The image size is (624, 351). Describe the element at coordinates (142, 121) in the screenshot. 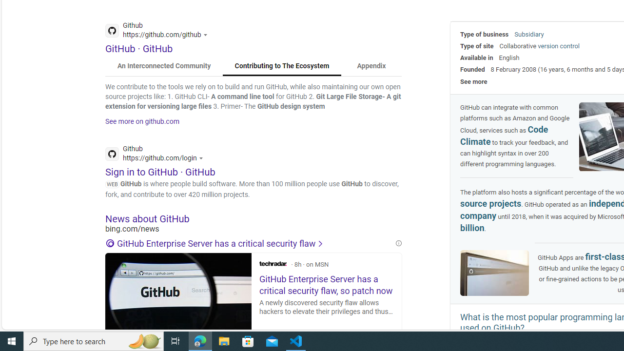

I see `'See more on github.com'` at that location.